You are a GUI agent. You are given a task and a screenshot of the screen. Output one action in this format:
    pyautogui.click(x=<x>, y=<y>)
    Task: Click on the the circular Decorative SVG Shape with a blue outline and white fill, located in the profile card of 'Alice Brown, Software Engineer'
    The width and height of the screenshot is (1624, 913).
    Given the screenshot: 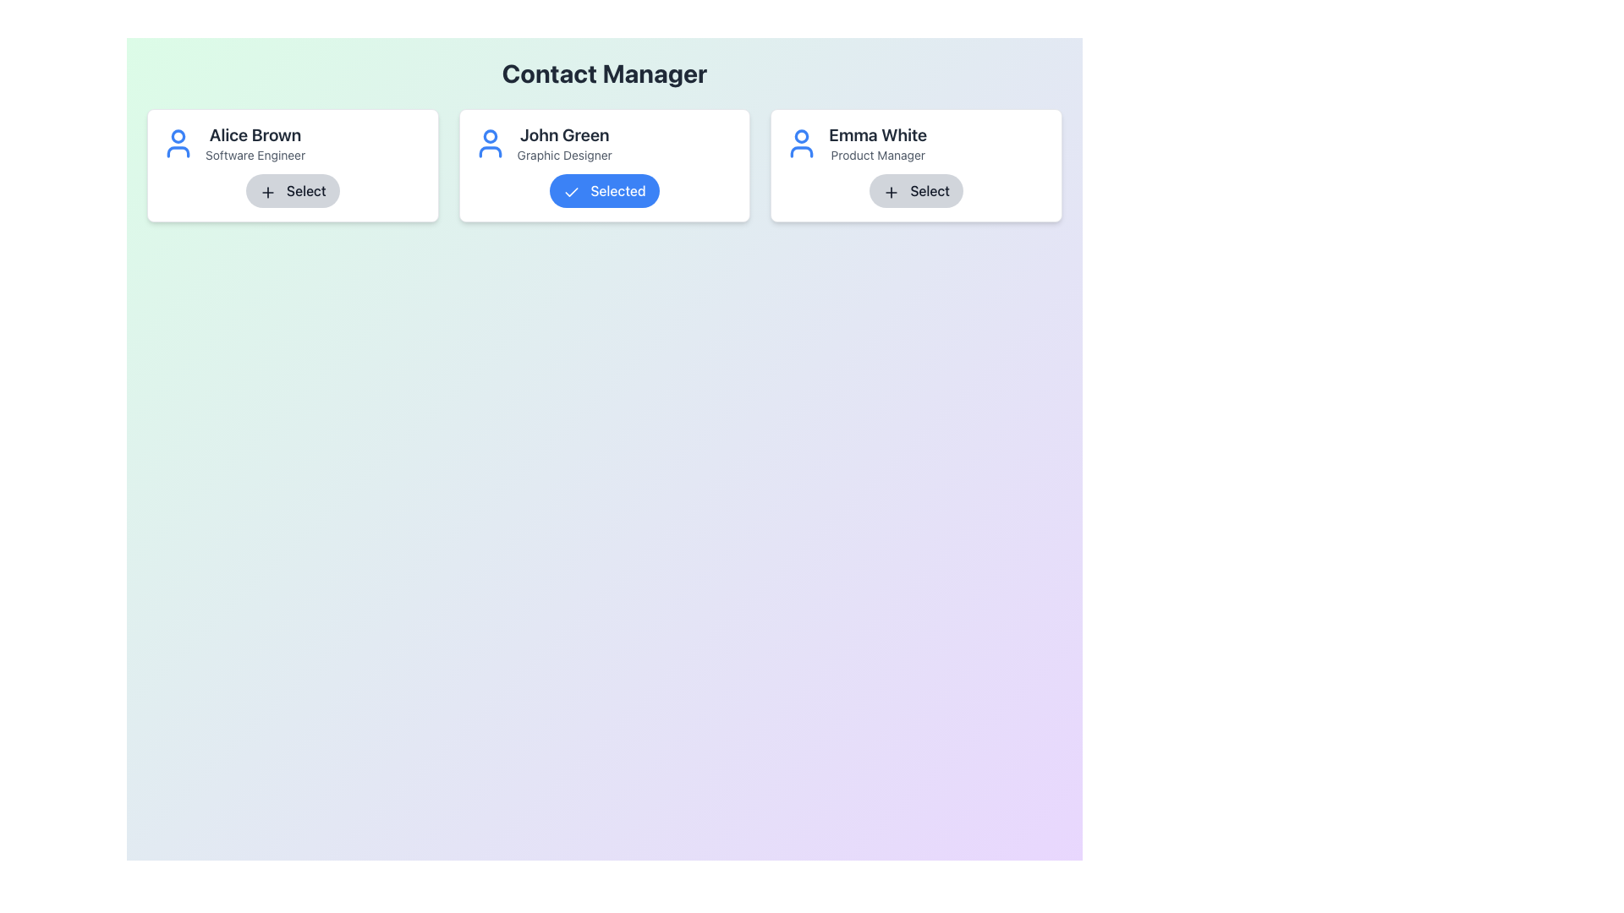 What is the action you would take?
    pyautogui.click(x=178, y=135)
    